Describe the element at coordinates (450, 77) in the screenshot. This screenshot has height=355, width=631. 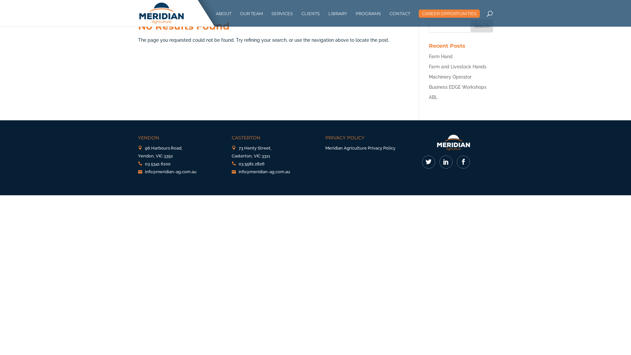
I see `'Machinery Operator'` at that location.